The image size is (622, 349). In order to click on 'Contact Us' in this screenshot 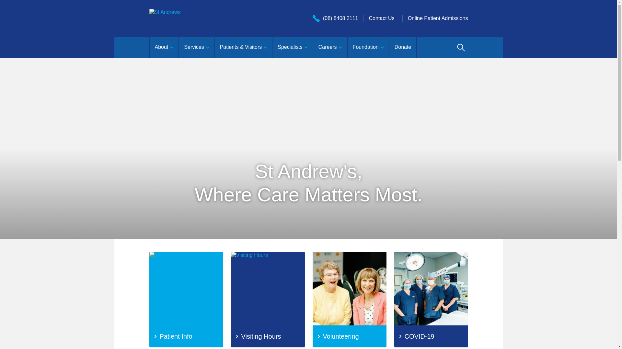, I will do `click(381, 18)`.